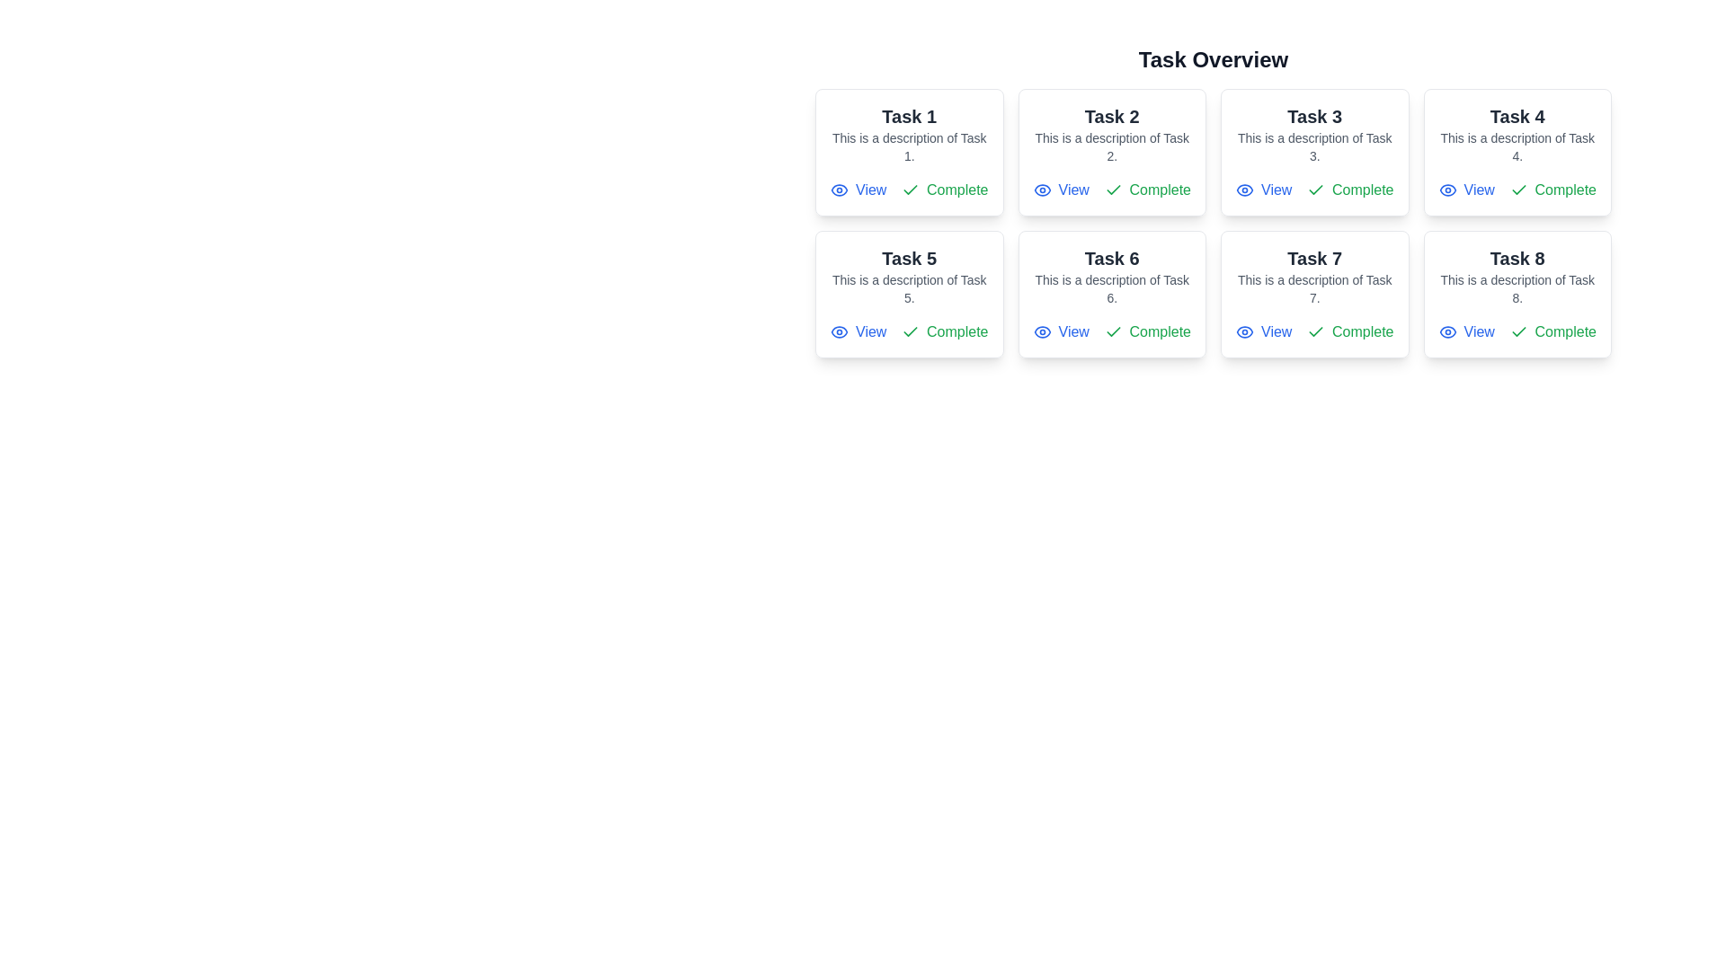  Describe the element at coordinates (1517, 332) in the screenshot. I see `the 'Complete' button located at the bottom right corner of the 'Task 8' card, which contains a small green checkmark icon to mark the task as complete` at that location.